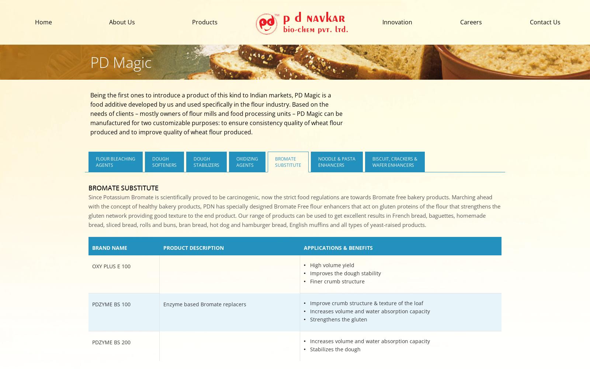 The height and width of the screenshot is (369, 590). What do you see at coordinates (193, 248) in the screenshot?
I see `'PRODUCT DESCRIPTION'` at bounding box center [193, 248].